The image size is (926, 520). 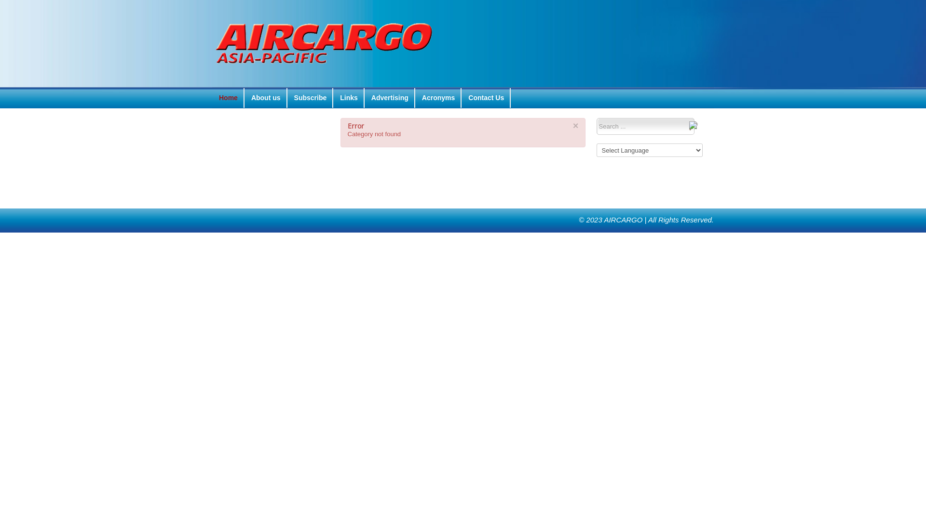 What do you see at coordinates (228, 98) in the screenshot?
I see `'Home'` at bounding box center [228, 98].